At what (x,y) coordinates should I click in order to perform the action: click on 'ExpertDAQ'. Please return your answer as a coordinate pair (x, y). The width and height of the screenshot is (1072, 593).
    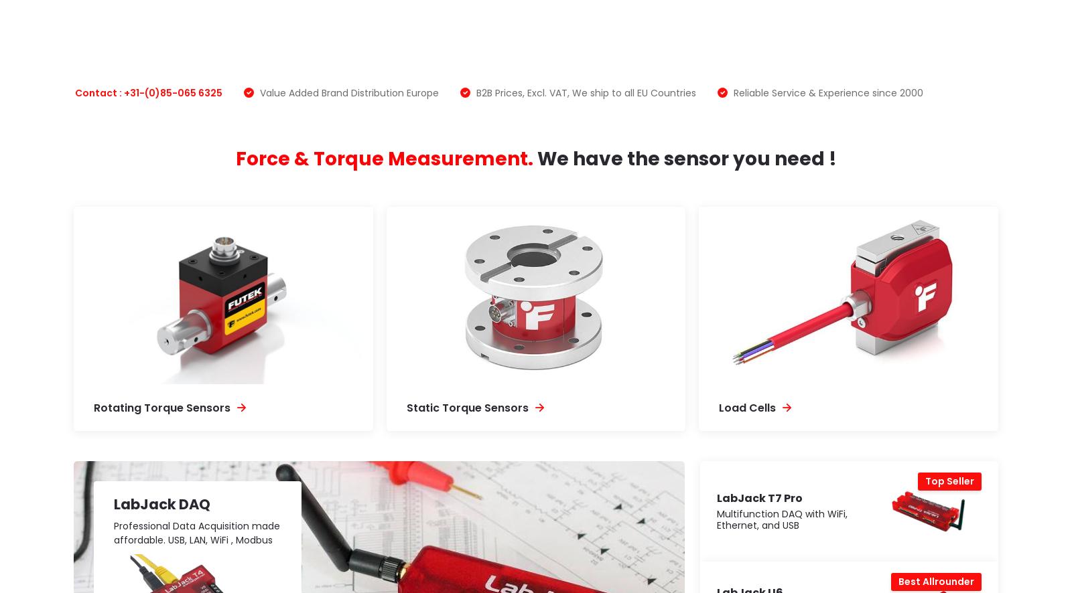
    Looking at the image, I should click on (750, 54).